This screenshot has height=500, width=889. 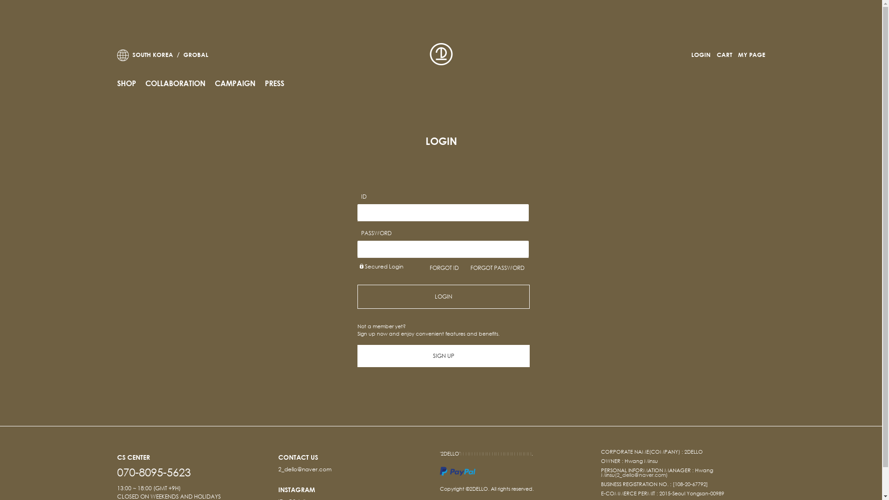 I want to click on 'MY PAGE', so click(x=749, y=55).